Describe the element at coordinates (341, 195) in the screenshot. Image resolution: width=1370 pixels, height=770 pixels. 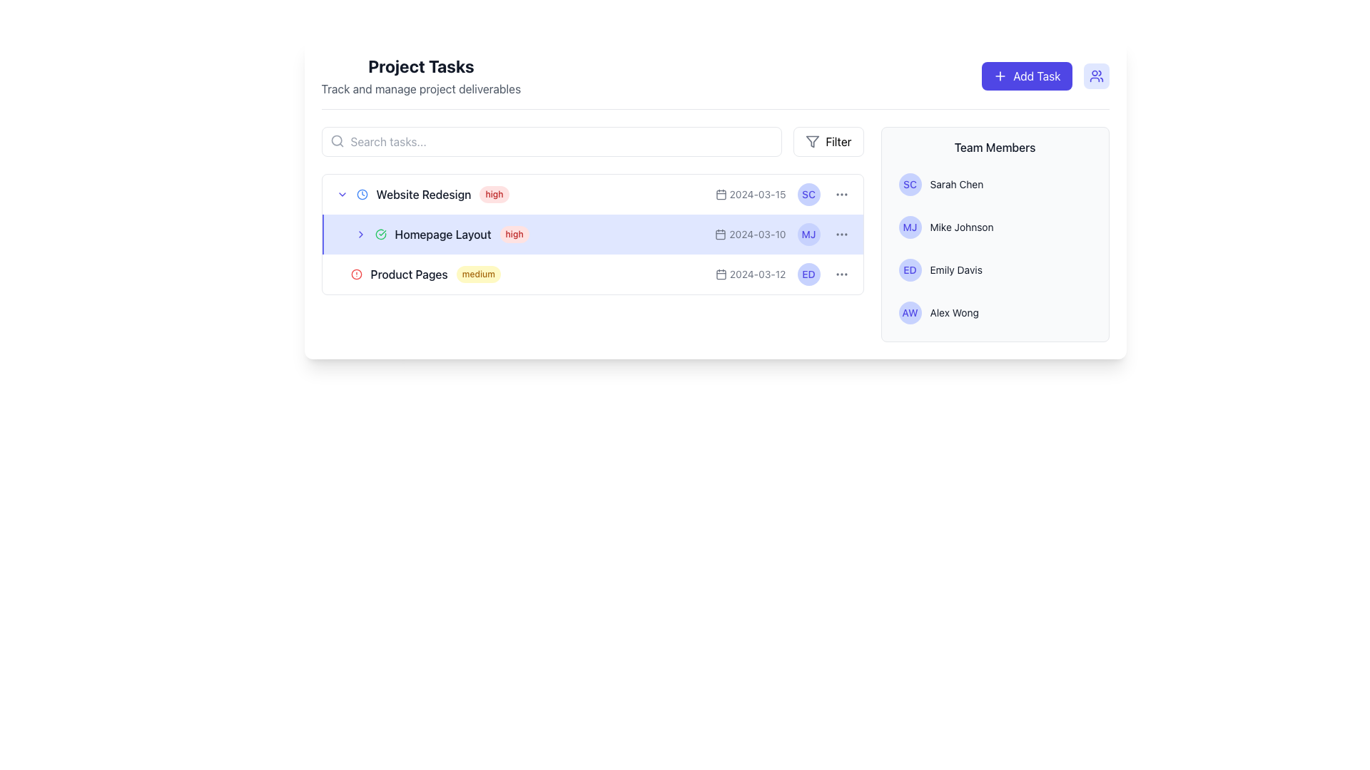
I see `the Interactive chevron icon located in the left portion of the 'Homepage Layout' row` at that location.